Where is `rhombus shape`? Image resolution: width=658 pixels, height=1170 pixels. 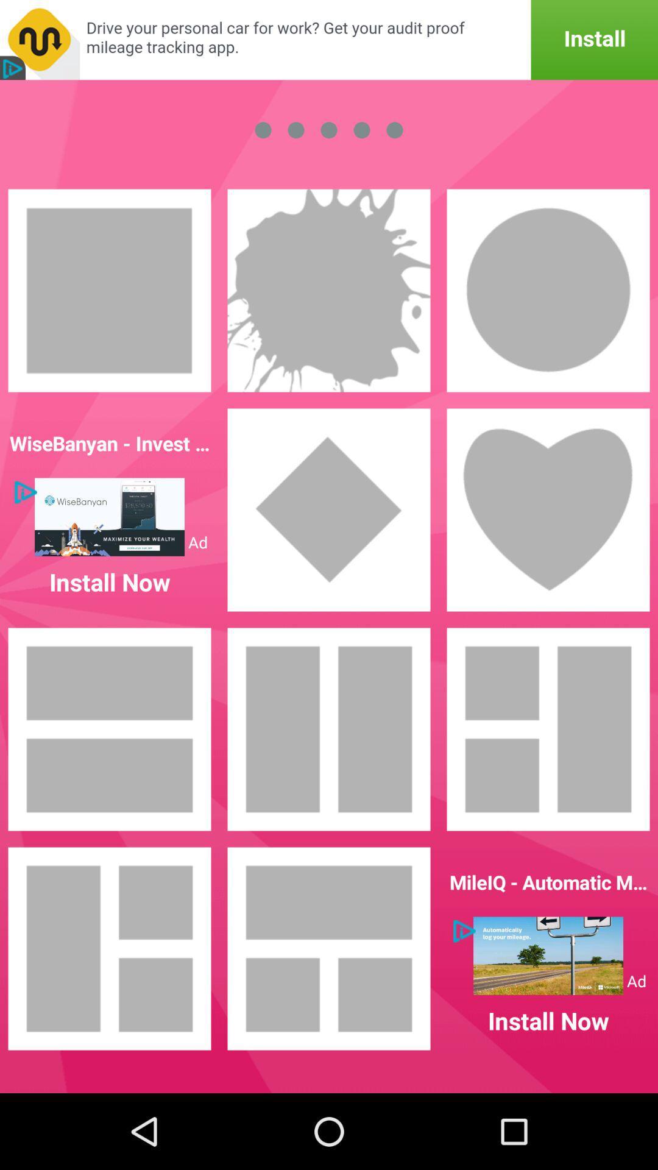
rhombus shape is located at coordinates (329, 509).